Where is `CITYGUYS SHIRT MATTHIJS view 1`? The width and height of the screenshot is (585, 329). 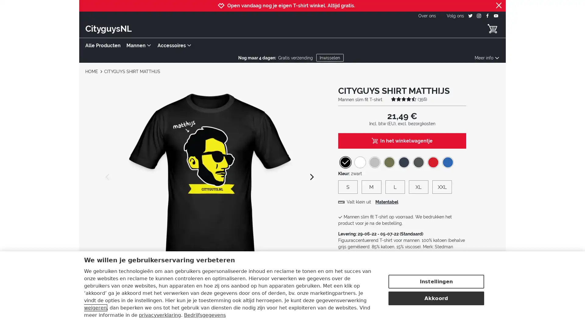 CITYGUYS SHIRT MATTHIJS view 1 is located at coordinates (156, 290).